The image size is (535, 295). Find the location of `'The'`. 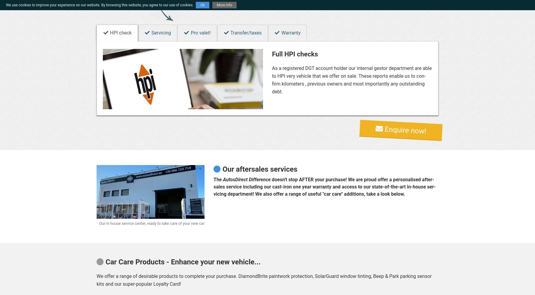

'The' is located at coordinates (218, 179).